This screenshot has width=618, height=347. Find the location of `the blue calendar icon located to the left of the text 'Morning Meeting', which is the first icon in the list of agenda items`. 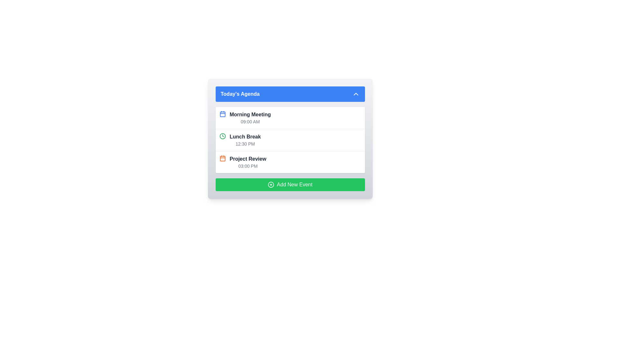

the blue calendar icon located to the left of the text 'Morning Meeting', which is the first icon in the list of agenda items is located at coordinates (222, 113).